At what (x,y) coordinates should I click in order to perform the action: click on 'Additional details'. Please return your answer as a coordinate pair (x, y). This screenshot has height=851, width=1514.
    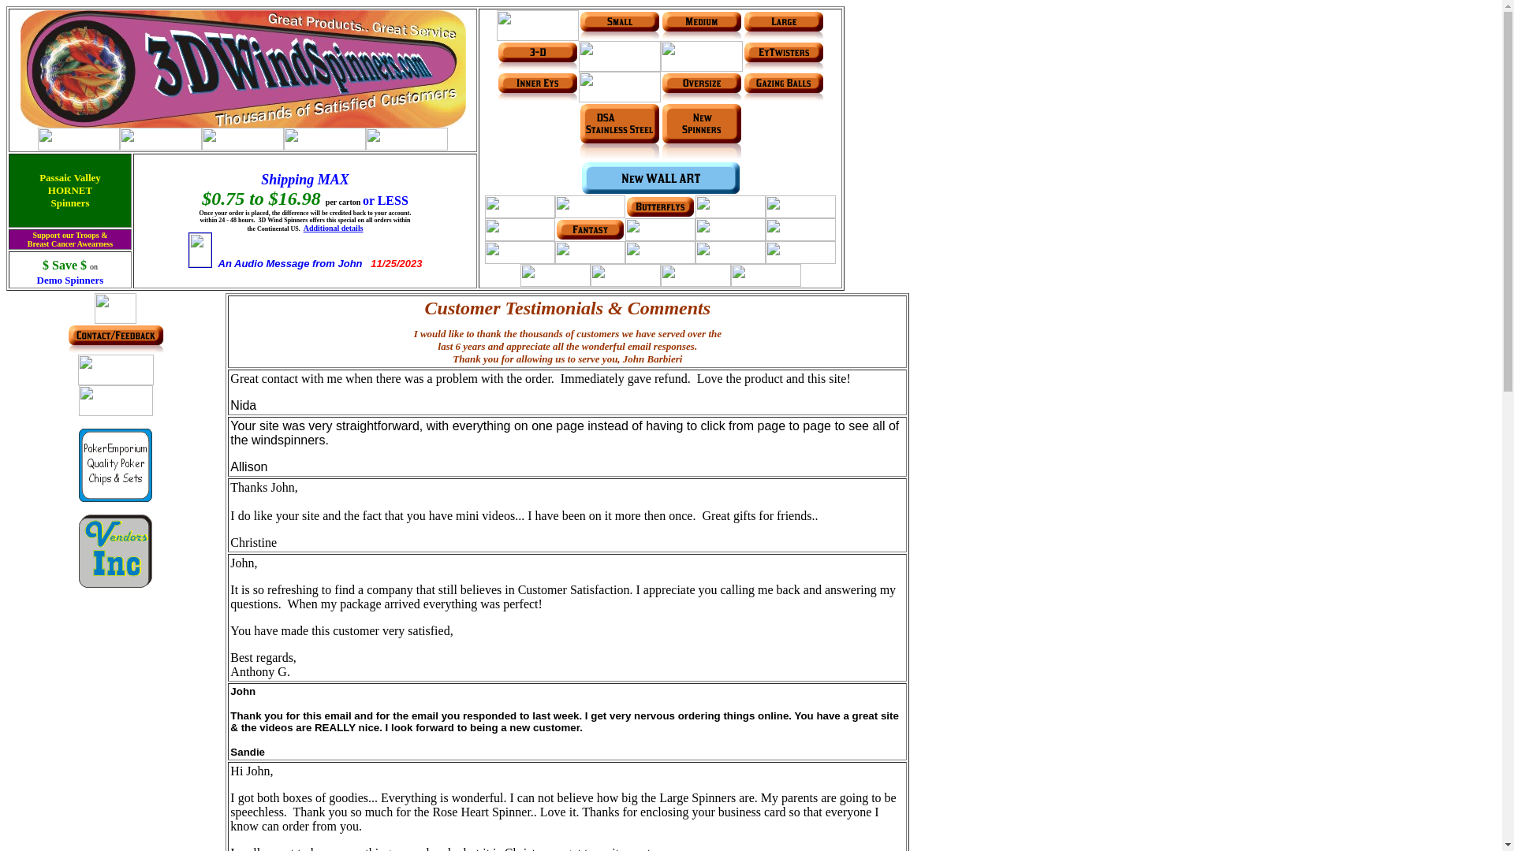
    Looking at the image, I should click on (303, 228).